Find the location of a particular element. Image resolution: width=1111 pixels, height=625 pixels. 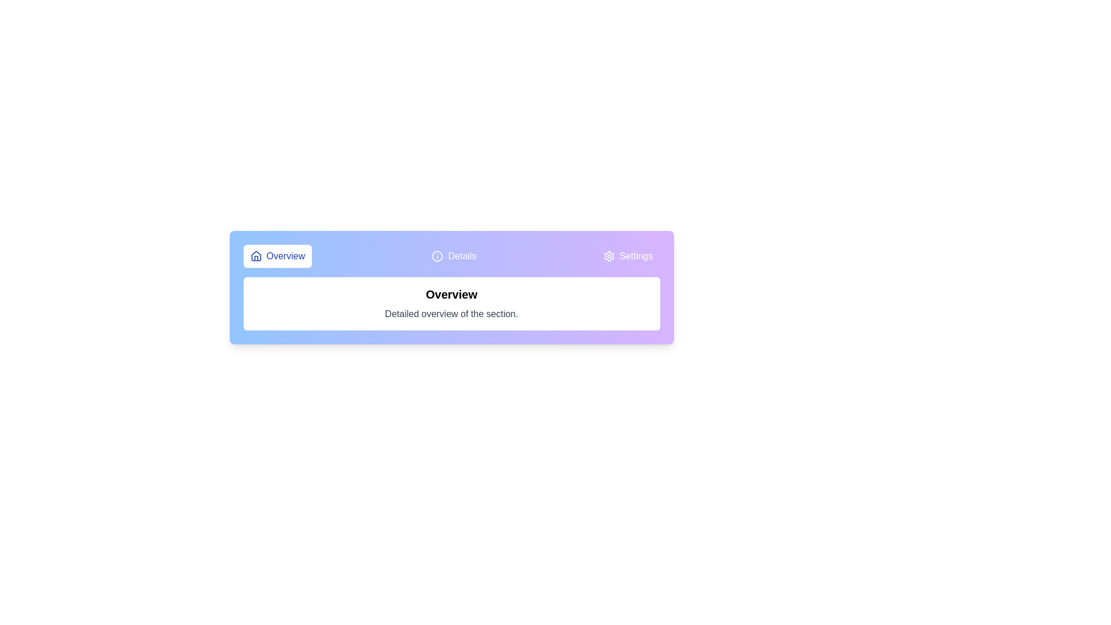

the 'Settings' text label, which is aligned to the right of a gear icon and is located within a purple gradient background in the top-right area of the interface is located at coordinates (635, 256).